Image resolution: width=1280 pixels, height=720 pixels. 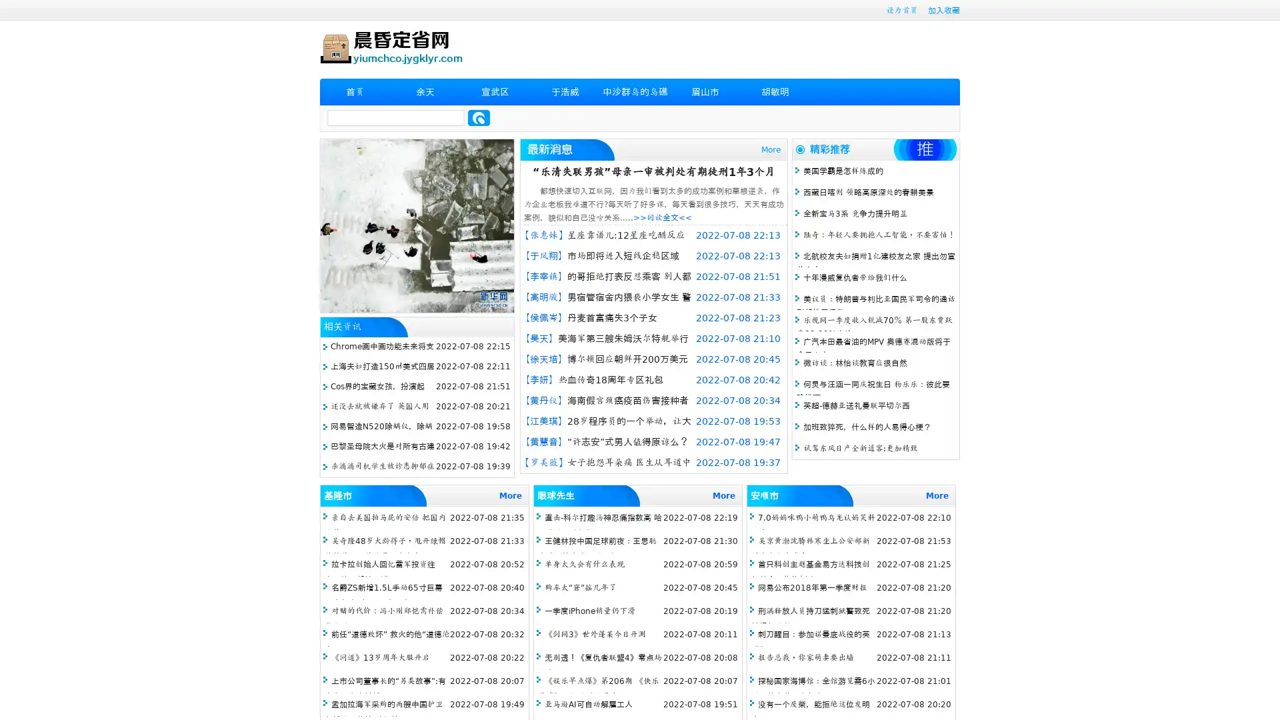 What do you see at coordinates (479, 117) in the screenshot?
I see `Search` at bounding box center [479, 117].